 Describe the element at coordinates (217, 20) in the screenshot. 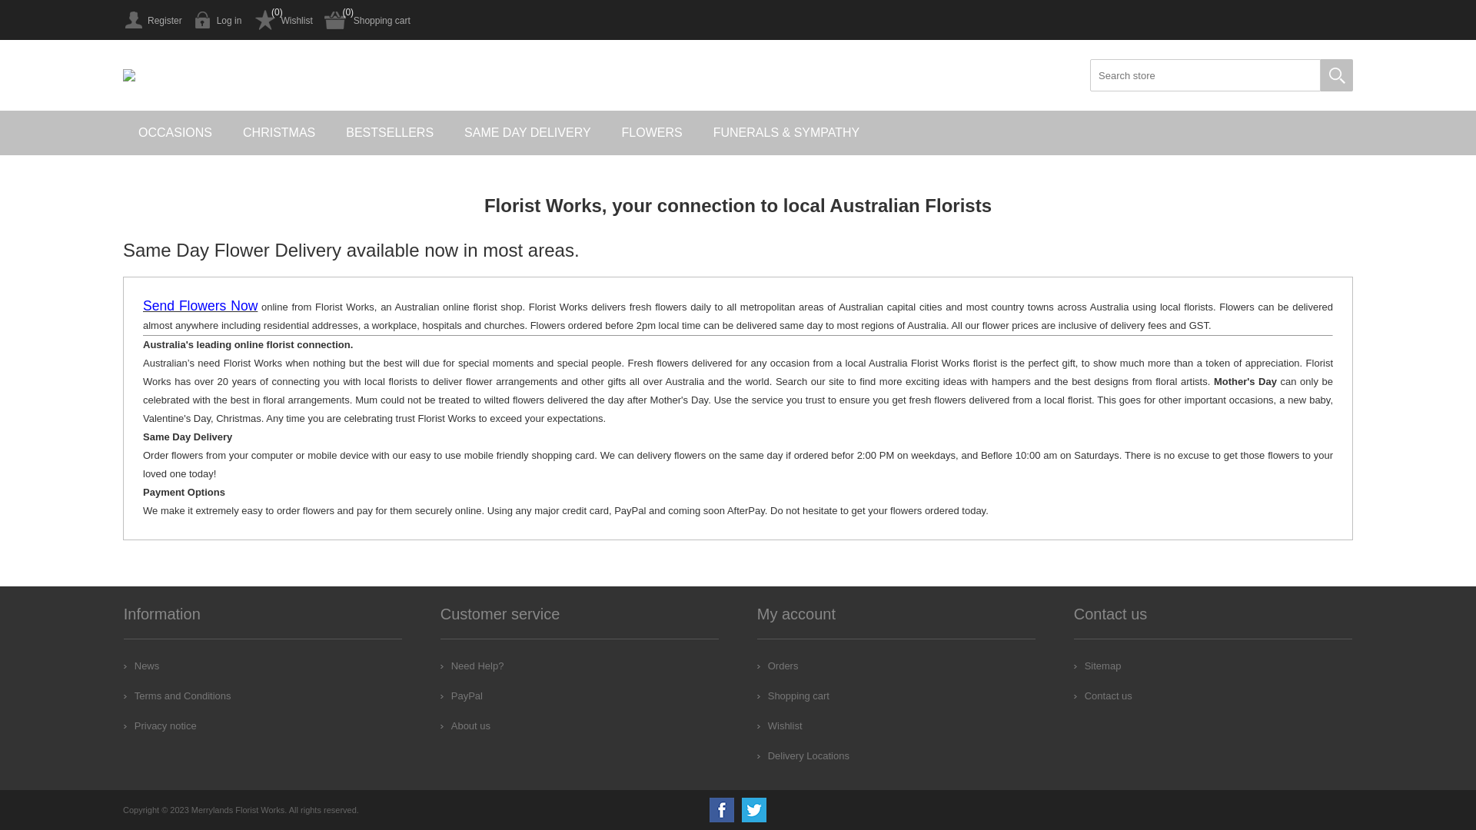

I see `'Log in'` at that location.